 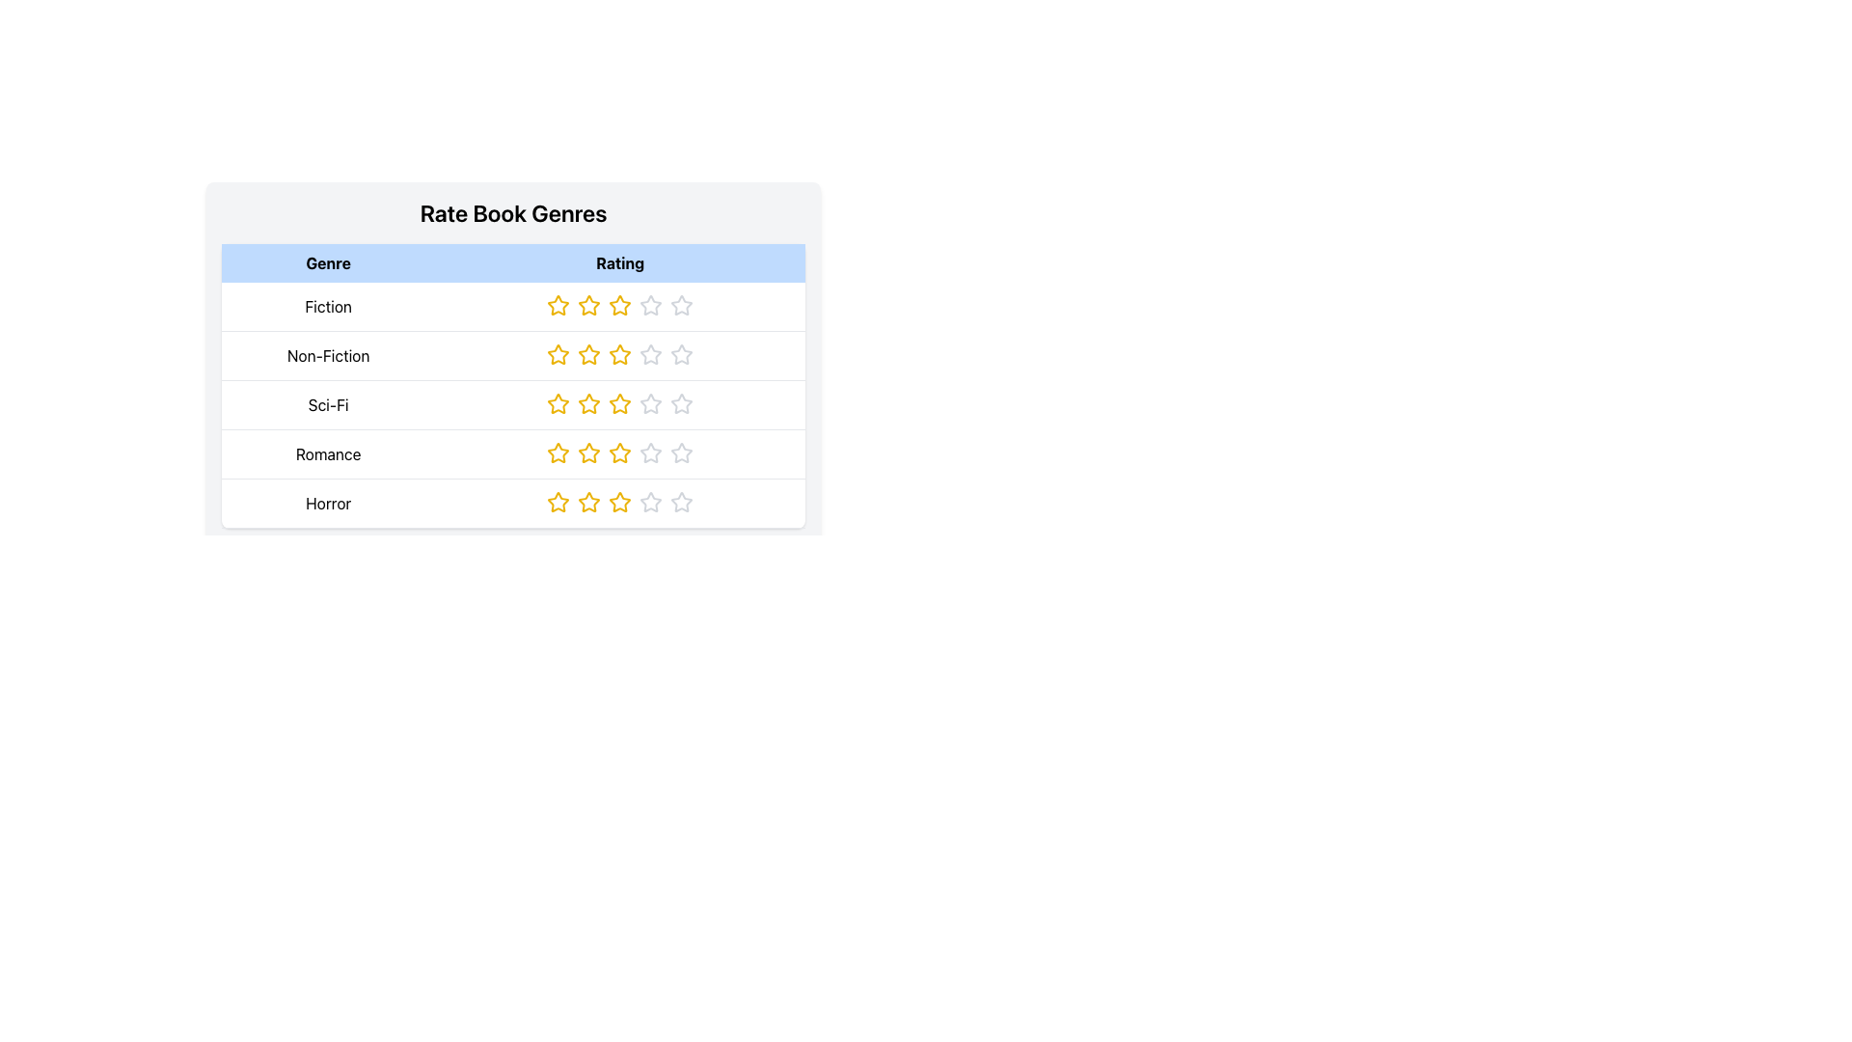 What do you see at coordinates (682, 304) in the screenshot?
I see `the fourth star in the rating system for the 'Fiction' genre` at bounding box center [682, 304].